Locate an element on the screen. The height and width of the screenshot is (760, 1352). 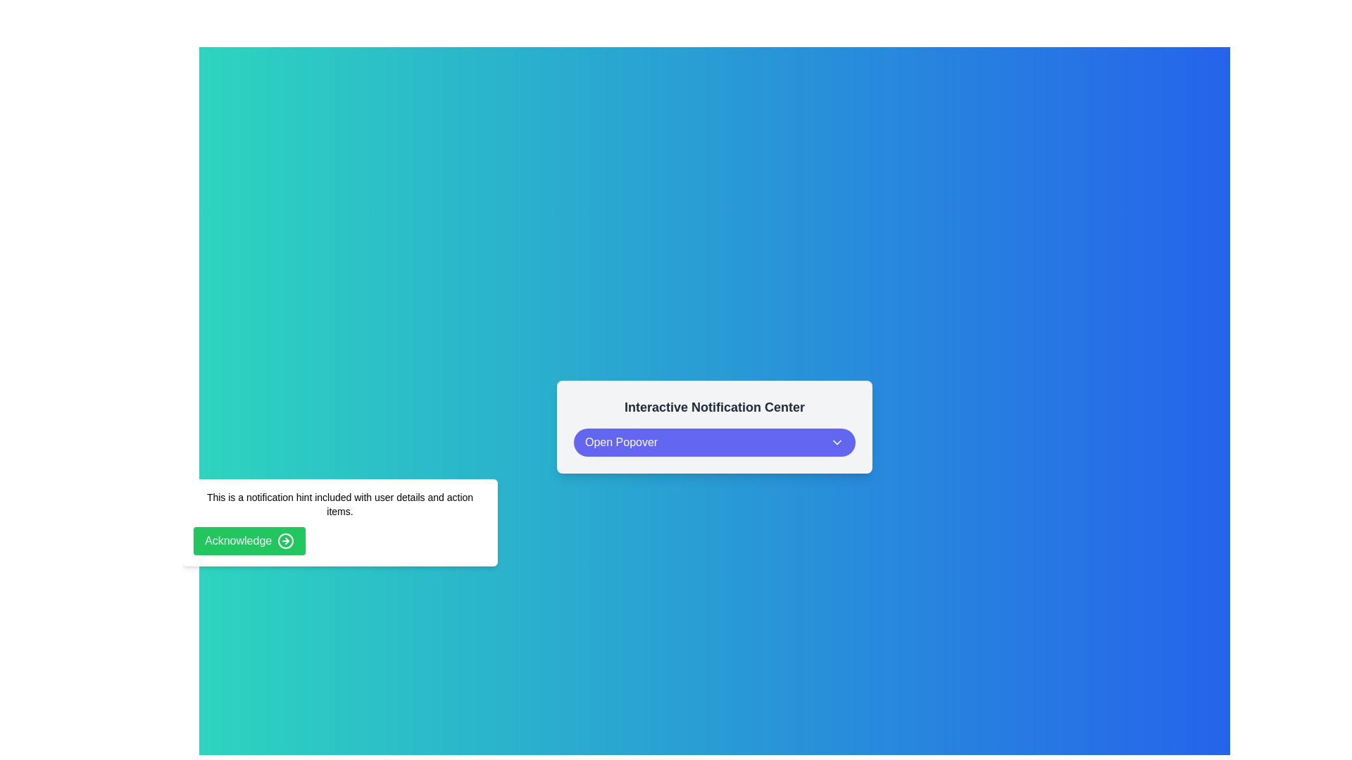
the circular green icon with a rightward-pointing arrow is located at coordinates (285, 540).